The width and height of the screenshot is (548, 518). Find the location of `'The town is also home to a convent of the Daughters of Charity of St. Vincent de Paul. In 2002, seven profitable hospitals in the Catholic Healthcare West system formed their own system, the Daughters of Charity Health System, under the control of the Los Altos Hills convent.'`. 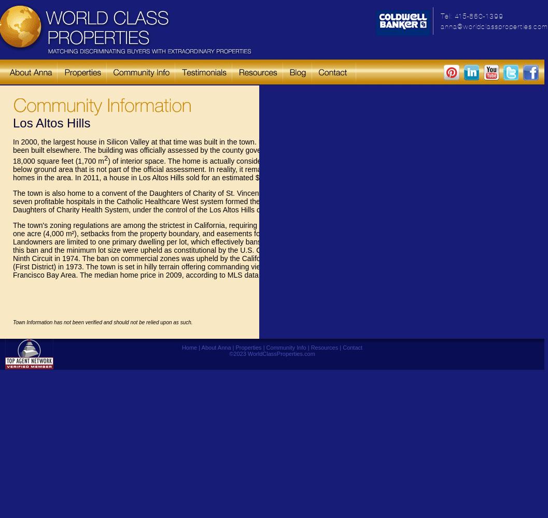

'The town is also home to a convent of the Daughters of Charity of St. Vincent de Paul. In 2002, seven profitable hospitals in the Catholic Healthcare West system formed their own system, the Daughters of Charity Health System, under the control of the Los Altos Hills convent.' is located at coordinates (165, 201).